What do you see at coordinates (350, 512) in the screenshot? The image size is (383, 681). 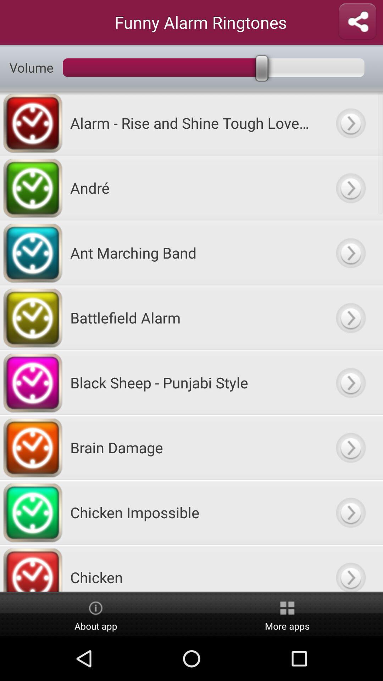 I see `next` at bounding box center [350, 512].